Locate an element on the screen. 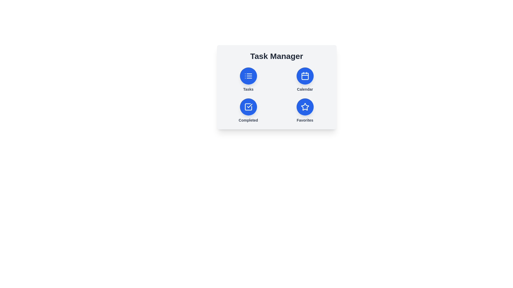  the 'Favorites' button located in the bottom-right corner of the grid in the 'Task Manager' section is located at coordinates (305, 110).